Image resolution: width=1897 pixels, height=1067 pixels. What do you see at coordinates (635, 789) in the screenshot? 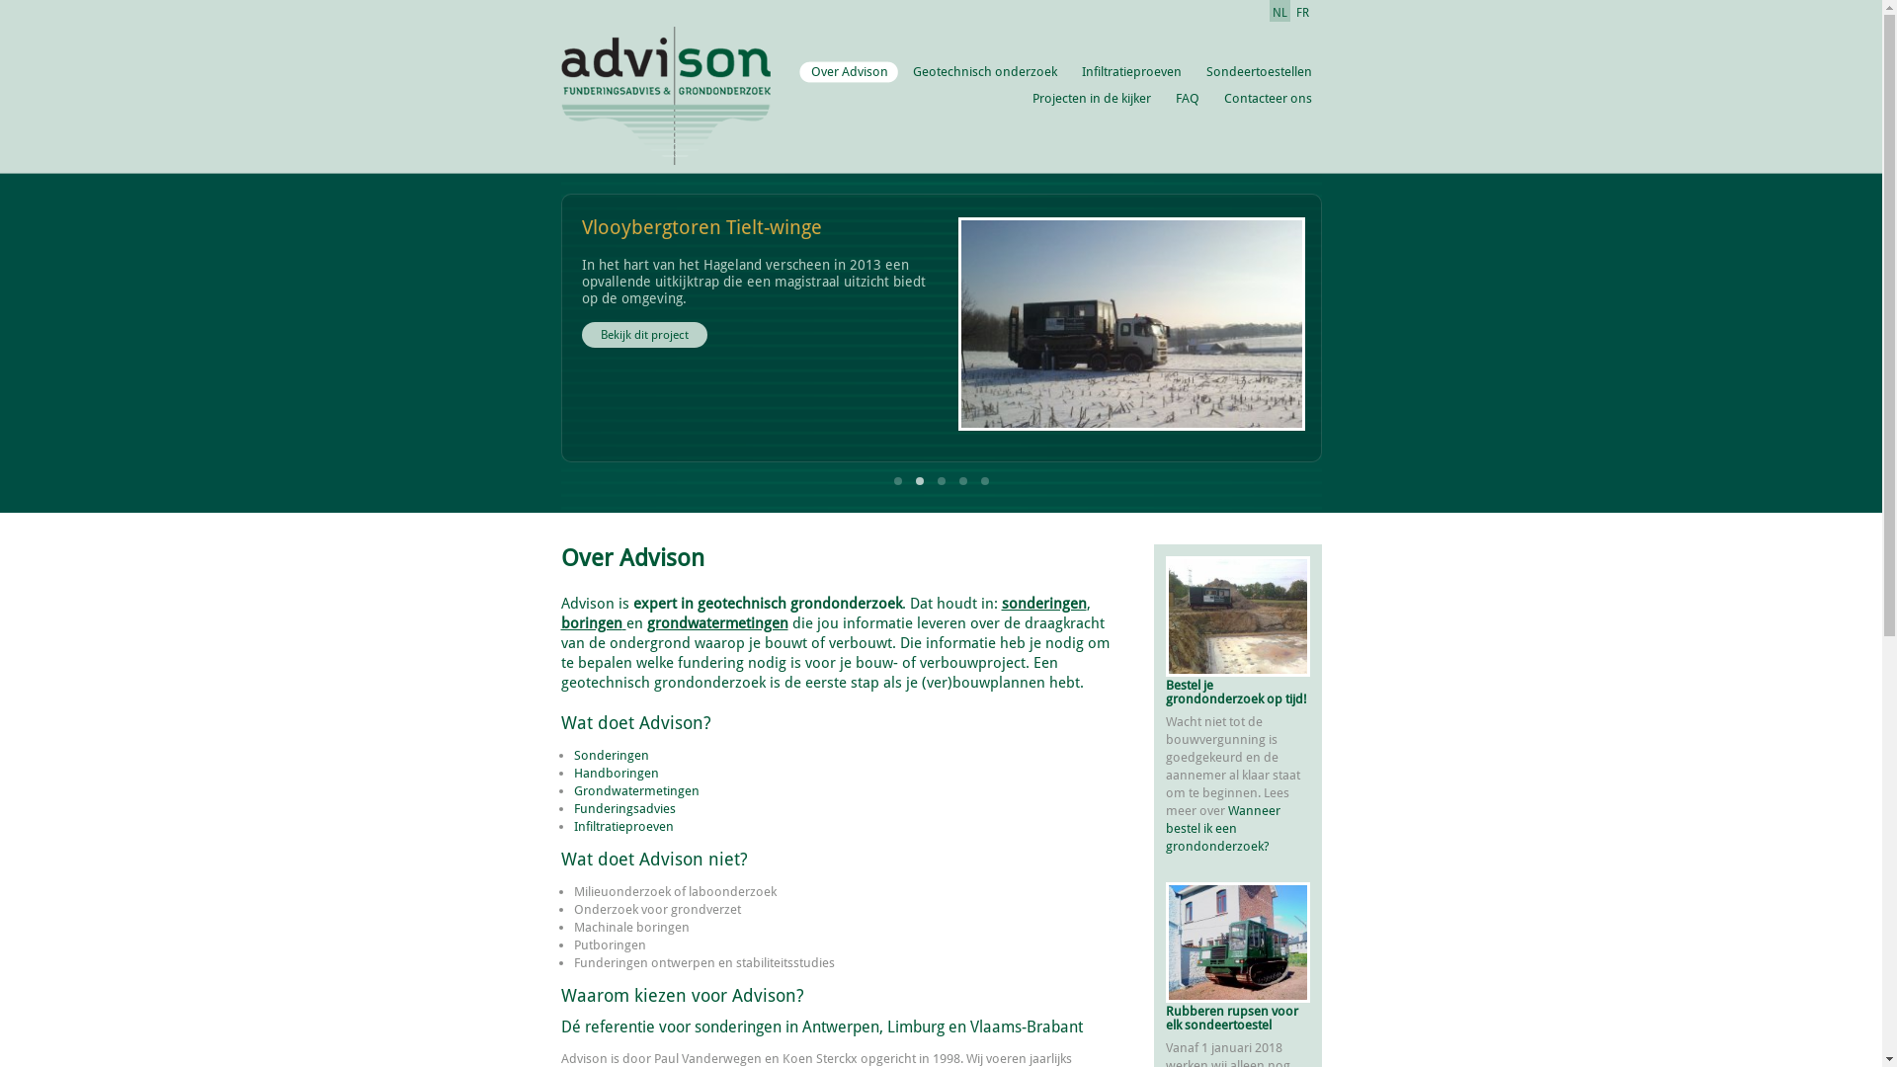
I see `'Grondwatermetingen'` at bounding box center [635, 789].